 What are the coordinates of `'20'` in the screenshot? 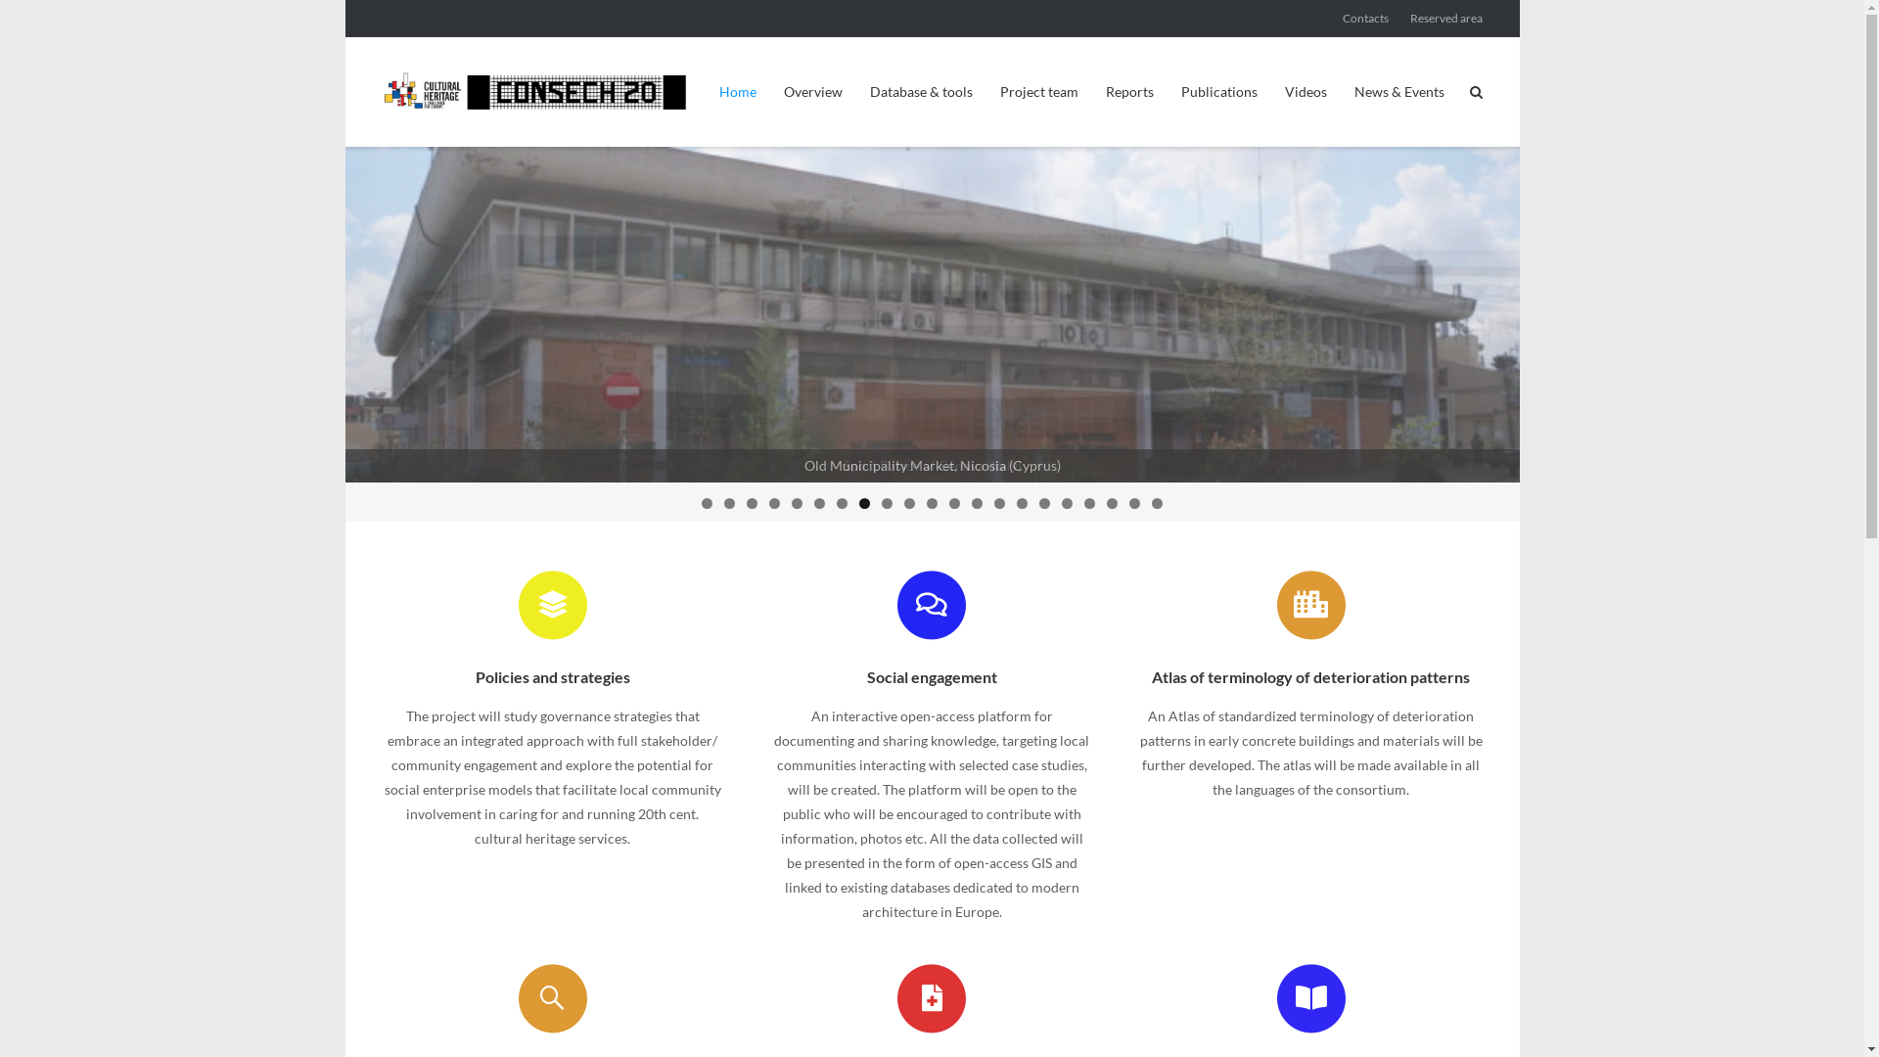 It's located at (1134, 502).